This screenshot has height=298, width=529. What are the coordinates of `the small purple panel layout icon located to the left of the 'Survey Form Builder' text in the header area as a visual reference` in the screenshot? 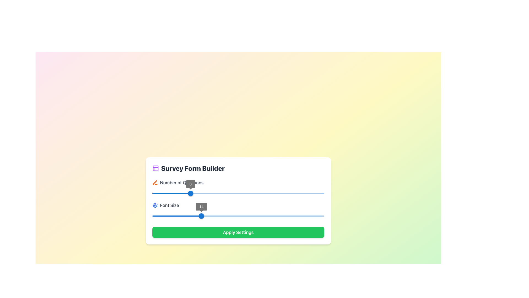 It's located at (155, 168).